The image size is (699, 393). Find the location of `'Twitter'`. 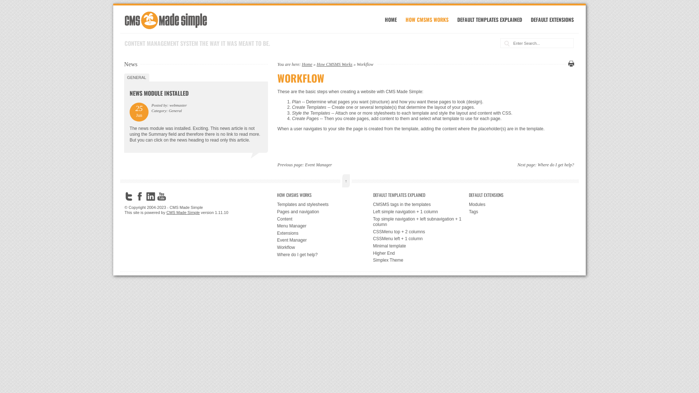

'Twitter' is located at coordinates (124, 196).